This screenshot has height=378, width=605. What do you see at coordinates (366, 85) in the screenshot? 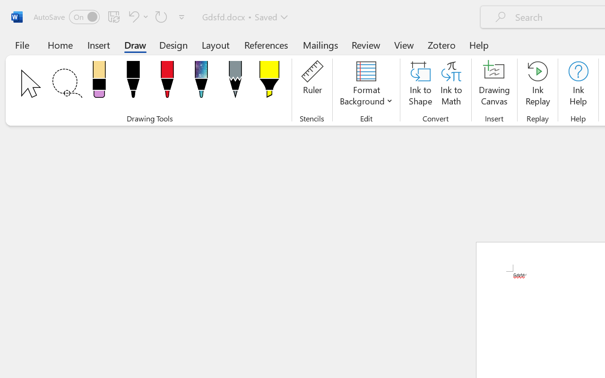
I see `'Format Background'` at bounding box center [366, 85].